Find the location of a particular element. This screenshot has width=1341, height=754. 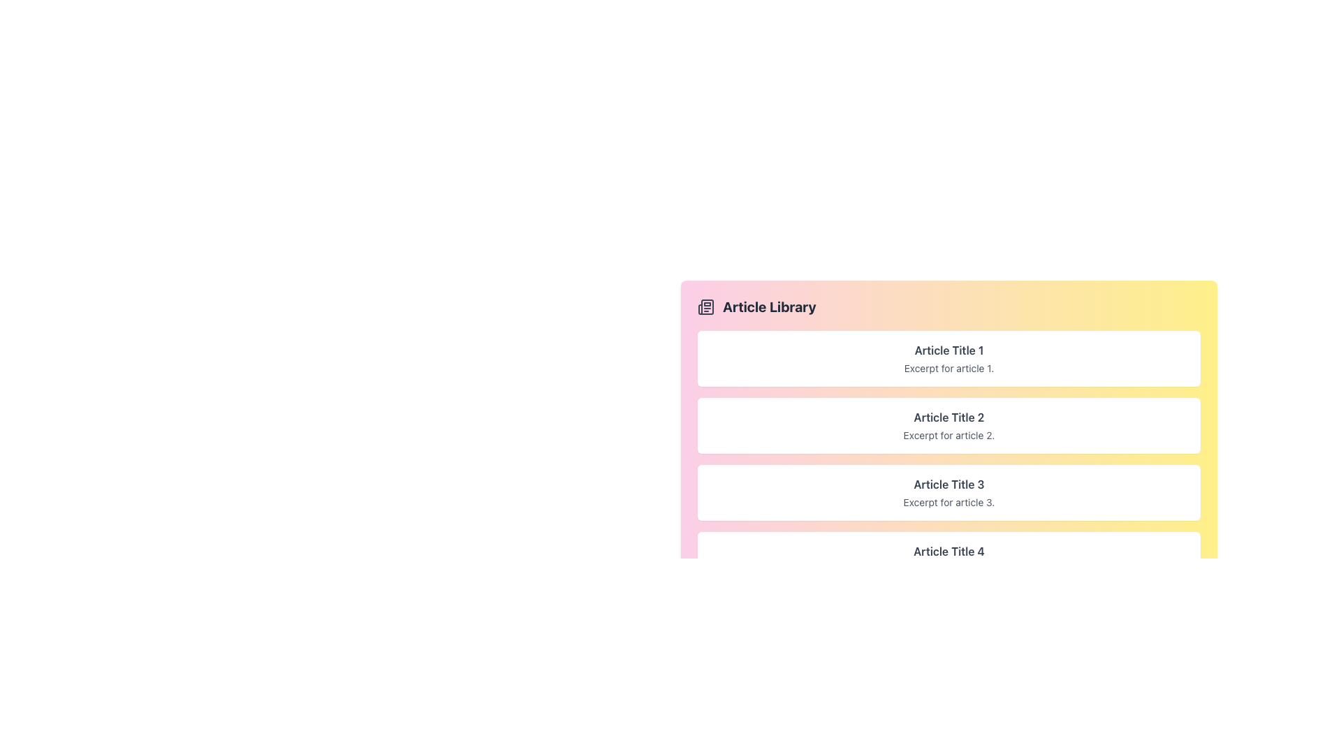

the text providing a brief description for 'Article Title 2', located directly below its title is located at coordinates (948, 435).